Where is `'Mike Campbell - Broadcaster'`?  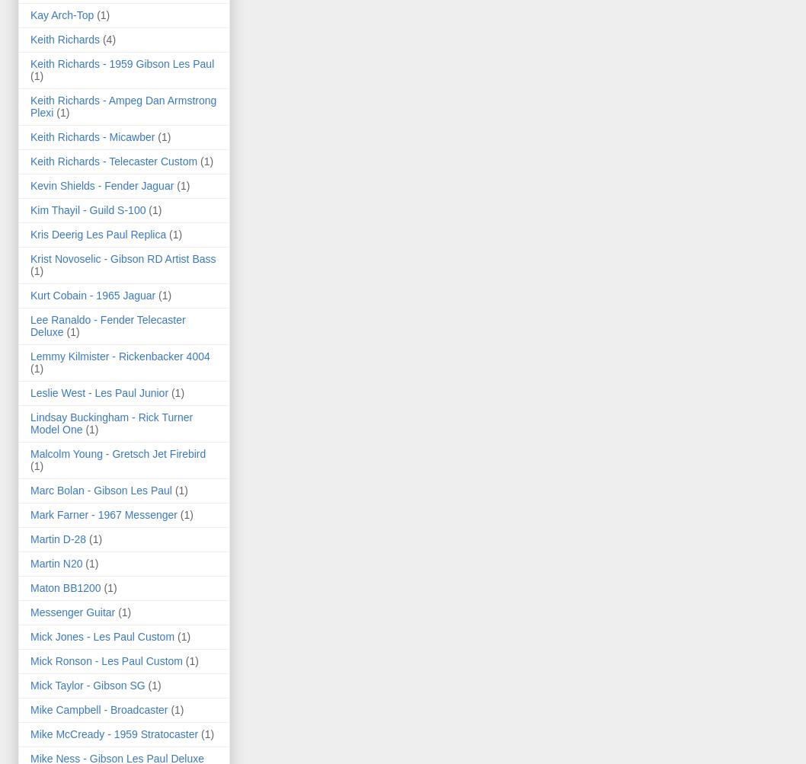
'Mike Campbell - Broadcaster' is located at coordinates (98, 708).